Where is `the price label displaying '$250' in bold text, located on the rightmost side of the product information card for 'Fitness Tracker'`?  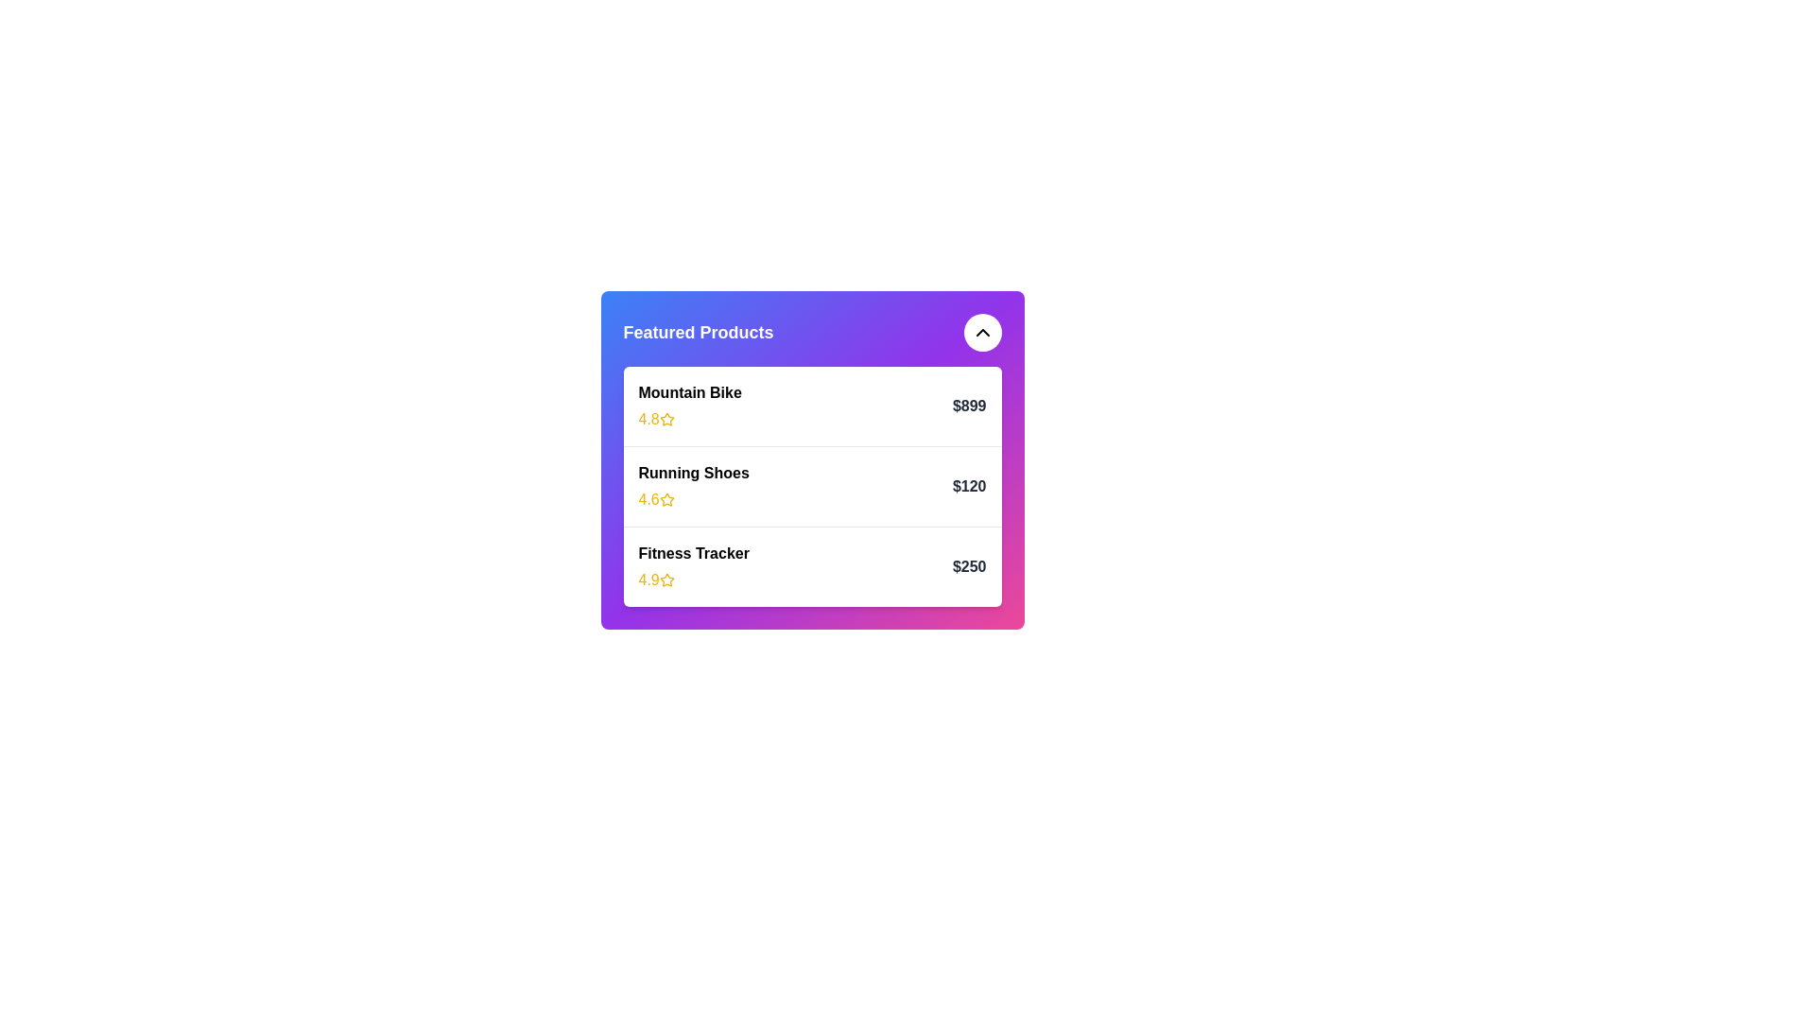
the price label displaying '$250' in bold text, located on the rightmost side of the product information card for 'Fitness Tracker' is located at coordinates (969, 566).